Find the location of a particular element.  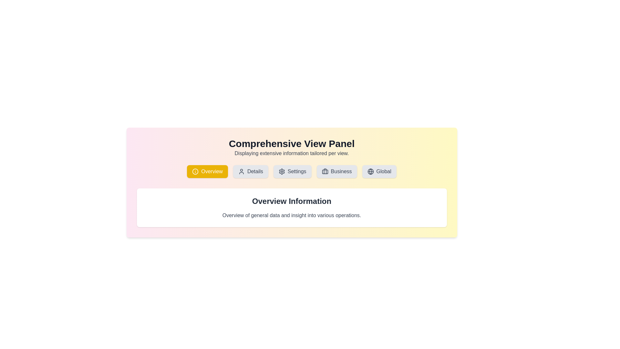

the gear icon representing the settings configuration, which is located inside the 'Settings' button in the navigation section is located at coordinates (282, 171).